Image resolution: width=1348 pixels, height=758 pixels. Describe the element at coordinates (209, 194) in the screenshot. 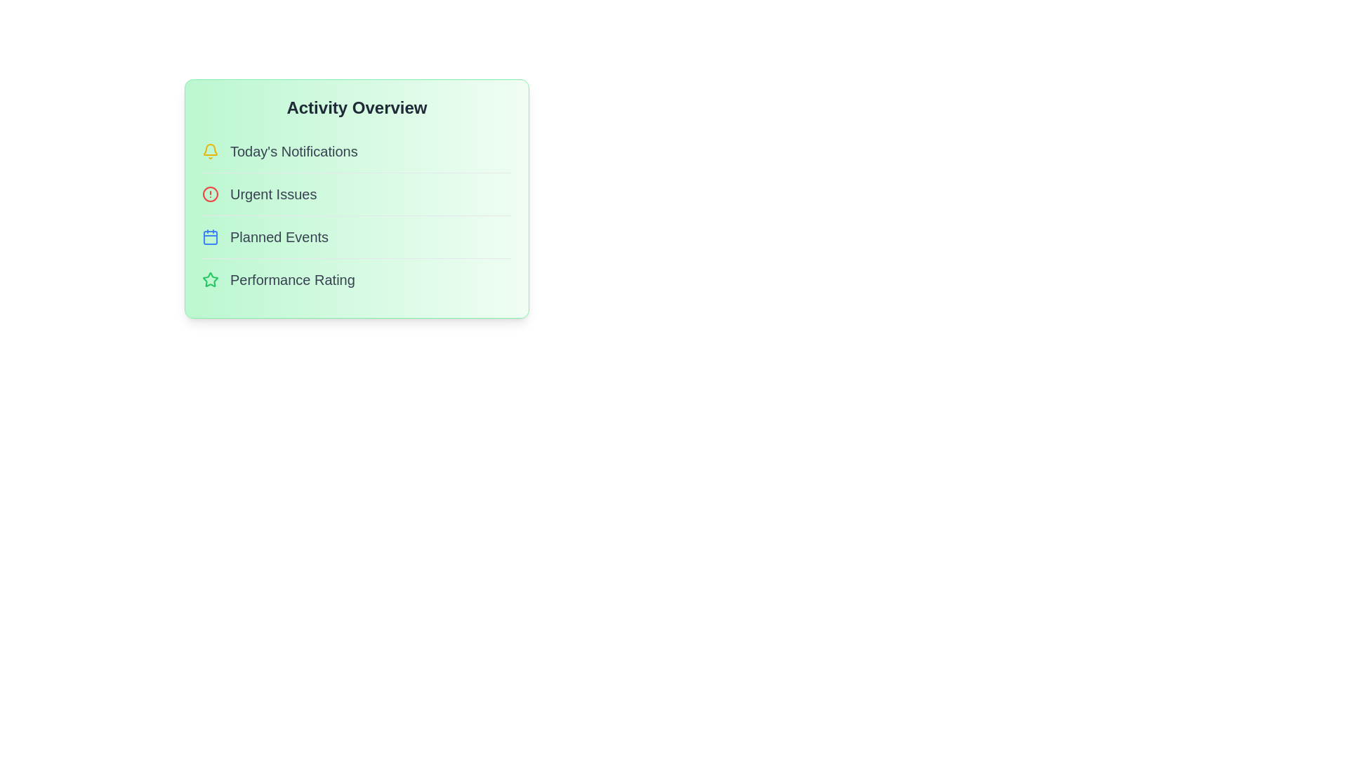

I see `the alert or warning icon located in the 'Activity Overview' section, adjacent to the 'Urgent Issues' label` at that location.